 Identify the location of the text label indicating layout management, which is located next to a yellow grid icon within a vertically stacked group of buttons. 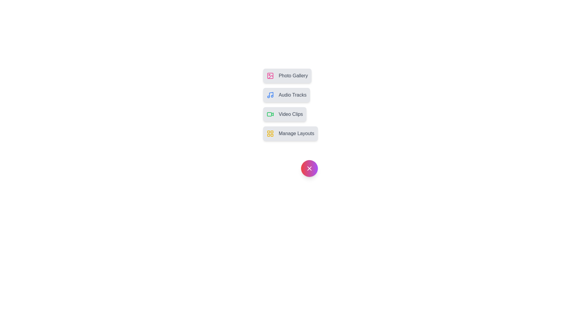
(296, 133).